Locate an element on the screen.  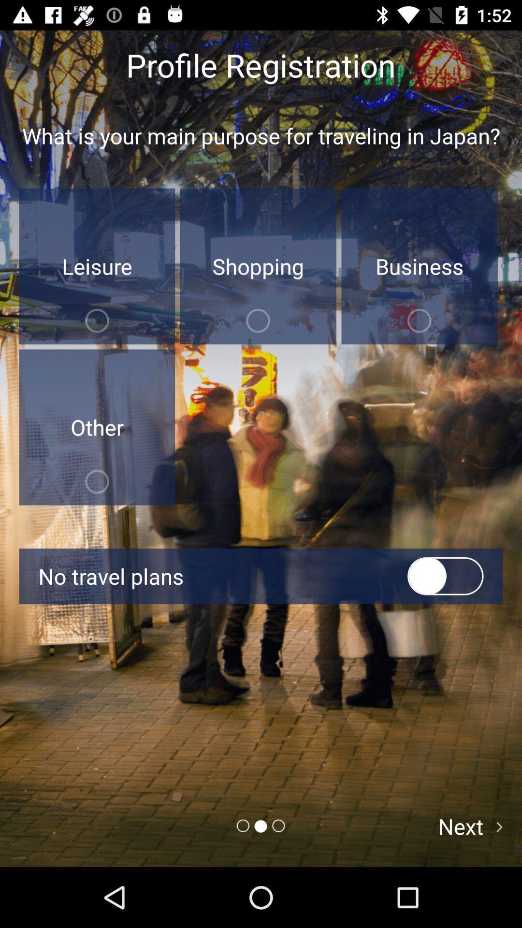
the toggle switch buttons before no travel plans on the page is located at coordinates (445, 576).